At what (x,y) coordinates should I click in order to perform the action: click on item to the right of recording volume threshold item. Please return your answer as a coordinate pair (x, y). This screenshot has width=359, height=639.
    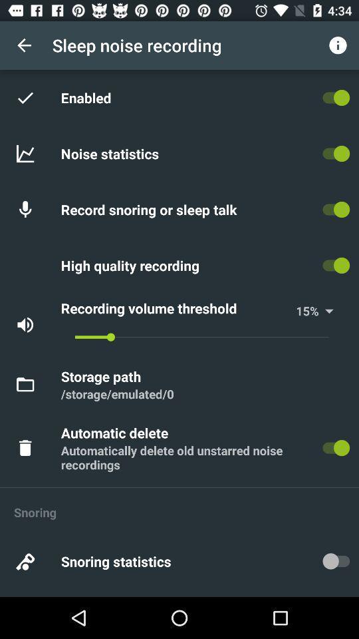
    Looking at the image, I should click on (302, 311).